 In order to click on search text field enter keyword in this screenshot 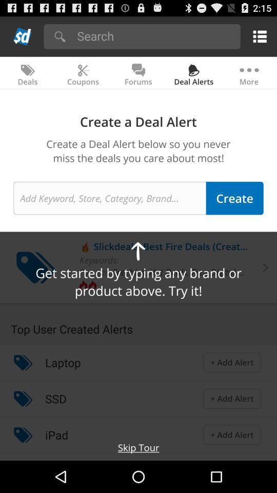, I will do `click(109, 197)`.